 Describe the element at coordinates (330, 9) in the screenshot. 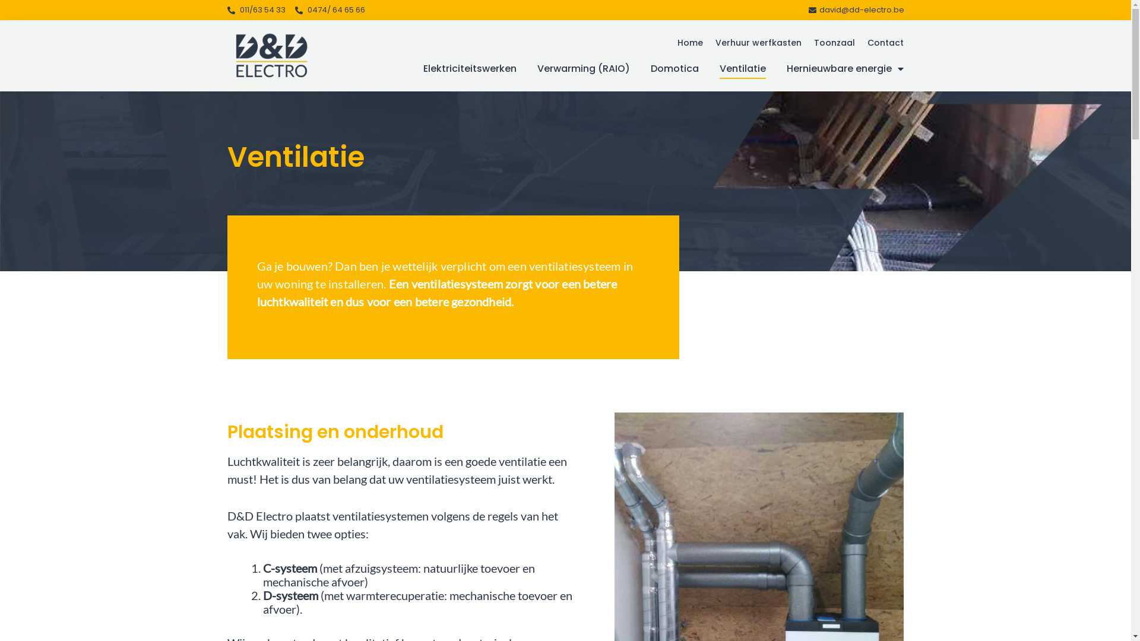

I see `'0474/ 64 65 66'` at that location.